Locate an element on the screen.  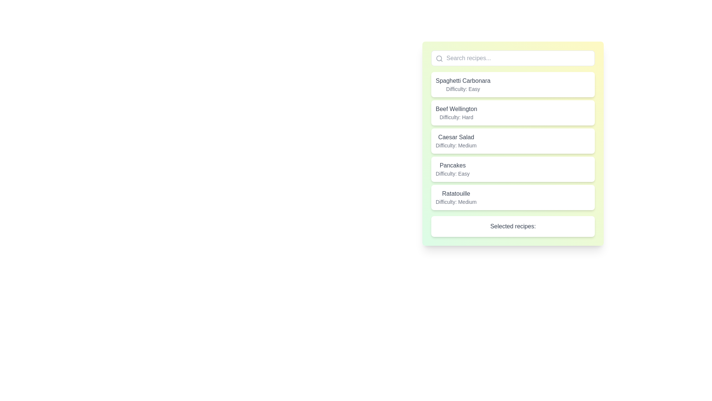
the text label displaying 'Pancakes', which is part of a recipe entry in the main content section, located above the difficulty indicator and below 'Caesar Salad' is located at coordinates (452, 165).